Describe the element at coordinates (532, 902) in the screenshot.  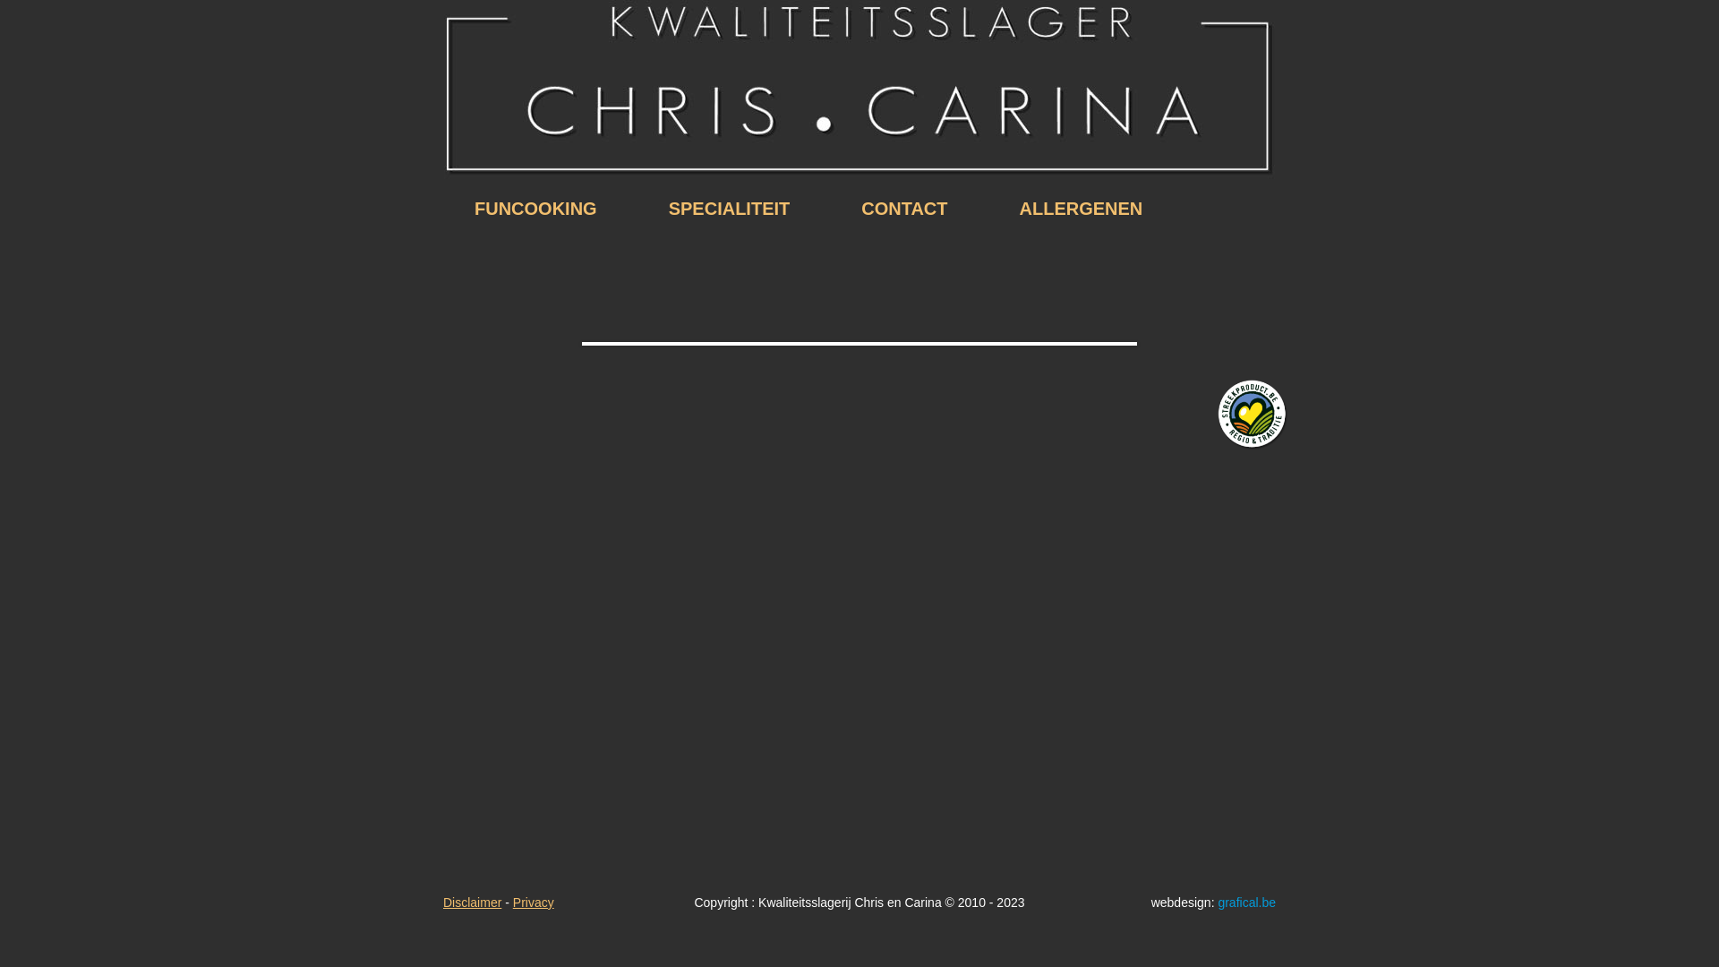
I see `'Privacy'` at that location.